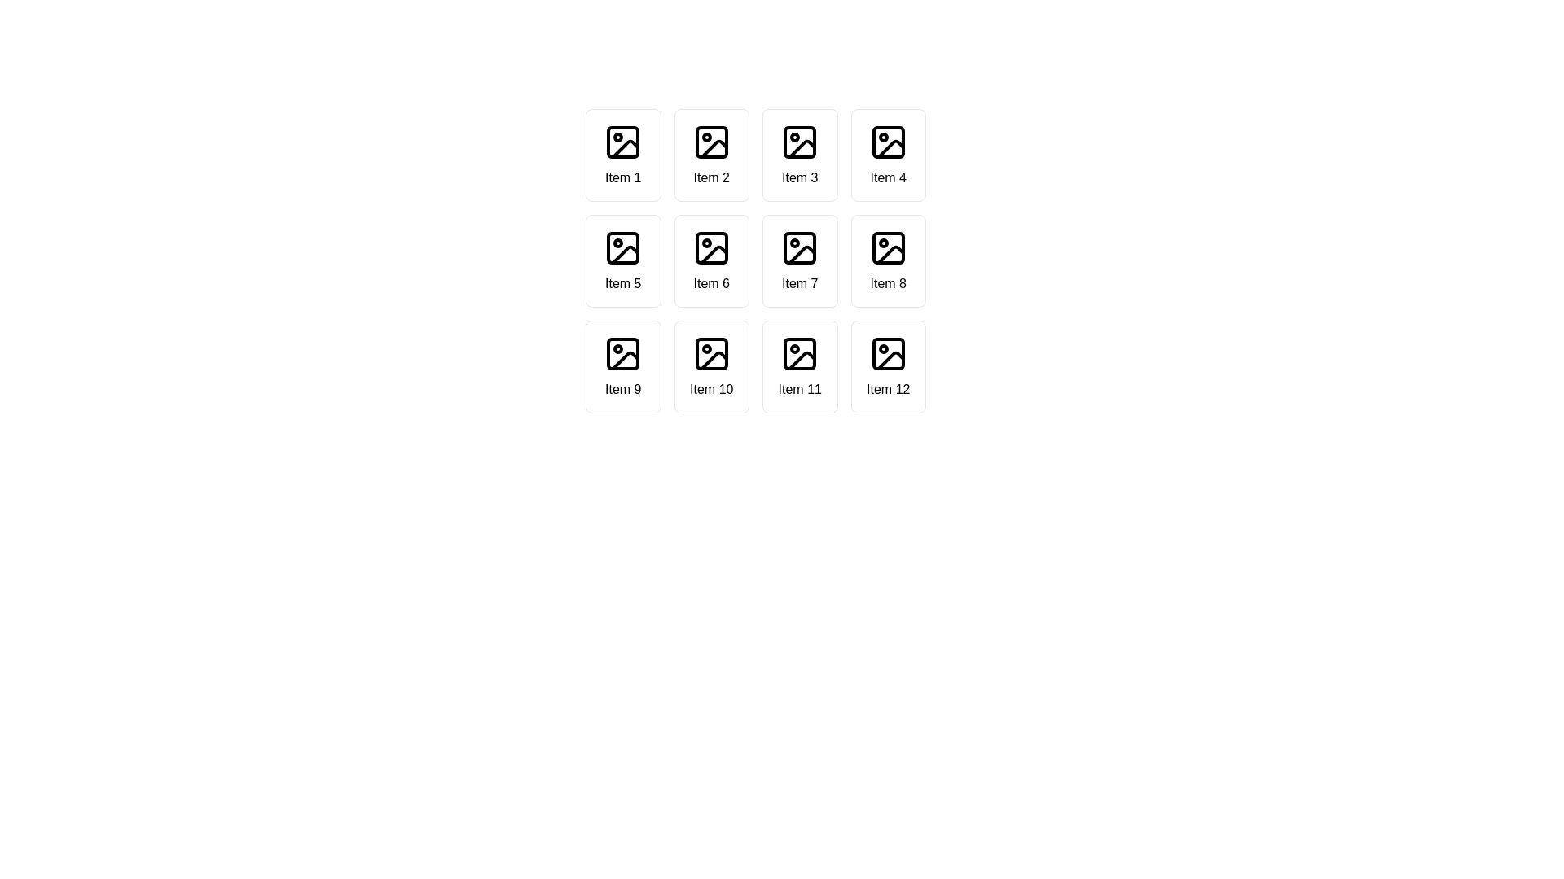  I want to click on the Grid Item Card displaying 'Item 10', which is the fifth item in the last row of the grid, so click(711, 367).